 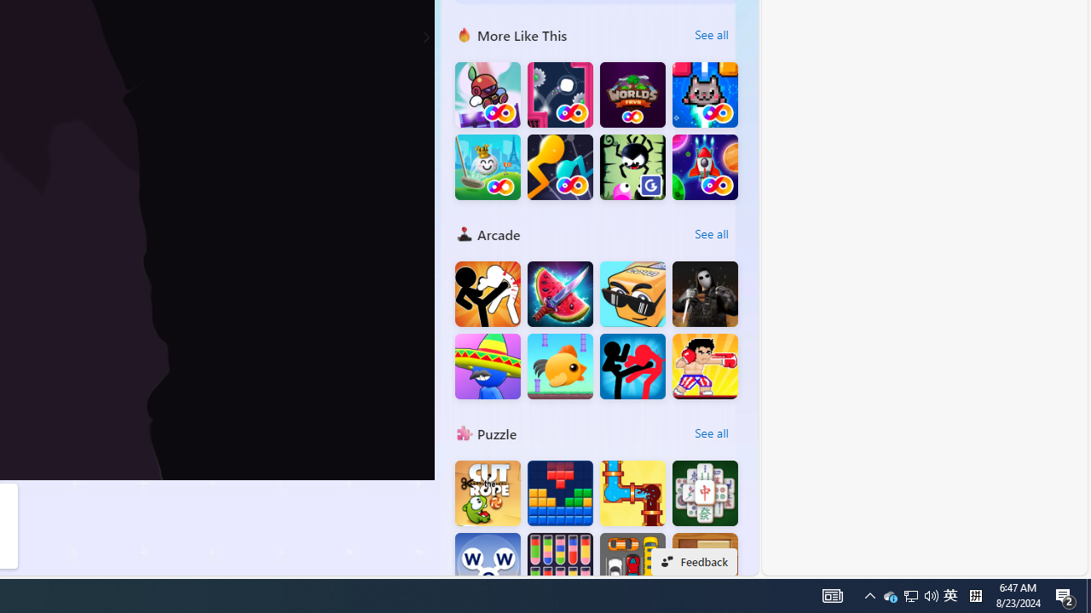 What do you see at coordinates (705, 493) in the screenshot?
I see `'Solitaire Mahjong Classic'` at bounding box center [705, 493].